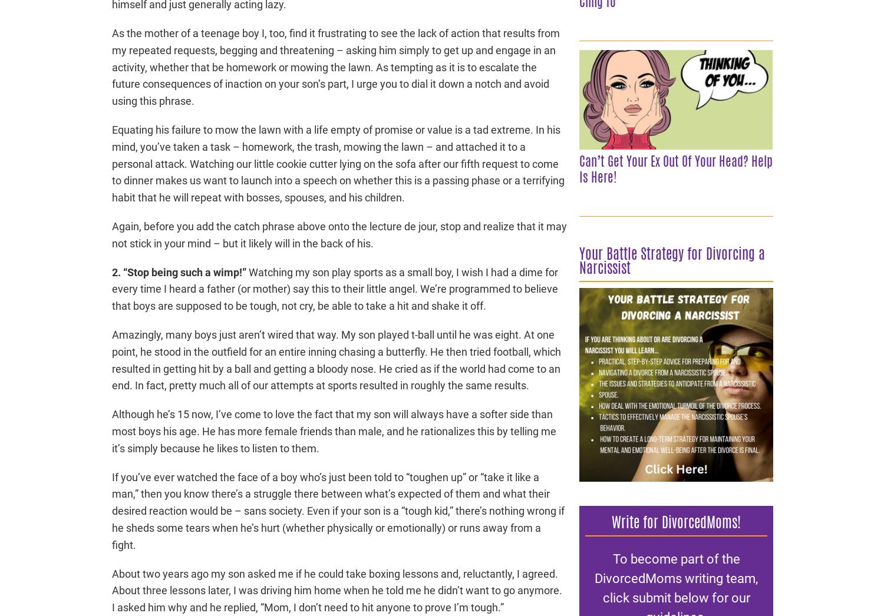 This screenshot has width=884, height=616. What do you see at coordinates (339, 234) in the screenshot?
I see `'Again, before you add the catch phrase above onto the lecture de jour, stop and realize that it may not stick in your mind – but it likely will in the back of his.'` at bounding box center [339, 234].